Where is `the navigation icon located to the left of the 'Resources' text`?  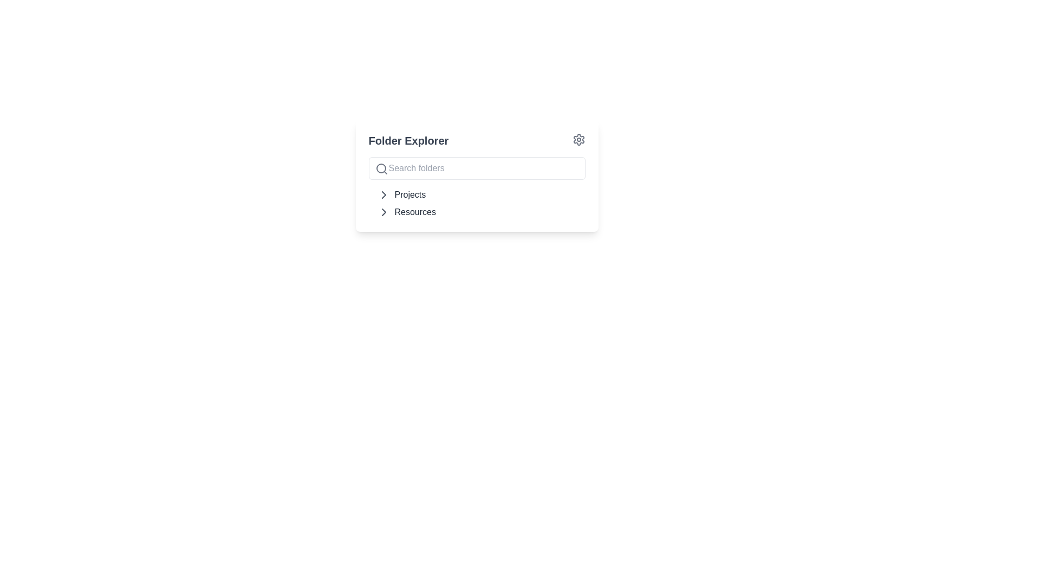
the navigation icon located to the left of the 'Resources' text is located at coordinates (383, 212).